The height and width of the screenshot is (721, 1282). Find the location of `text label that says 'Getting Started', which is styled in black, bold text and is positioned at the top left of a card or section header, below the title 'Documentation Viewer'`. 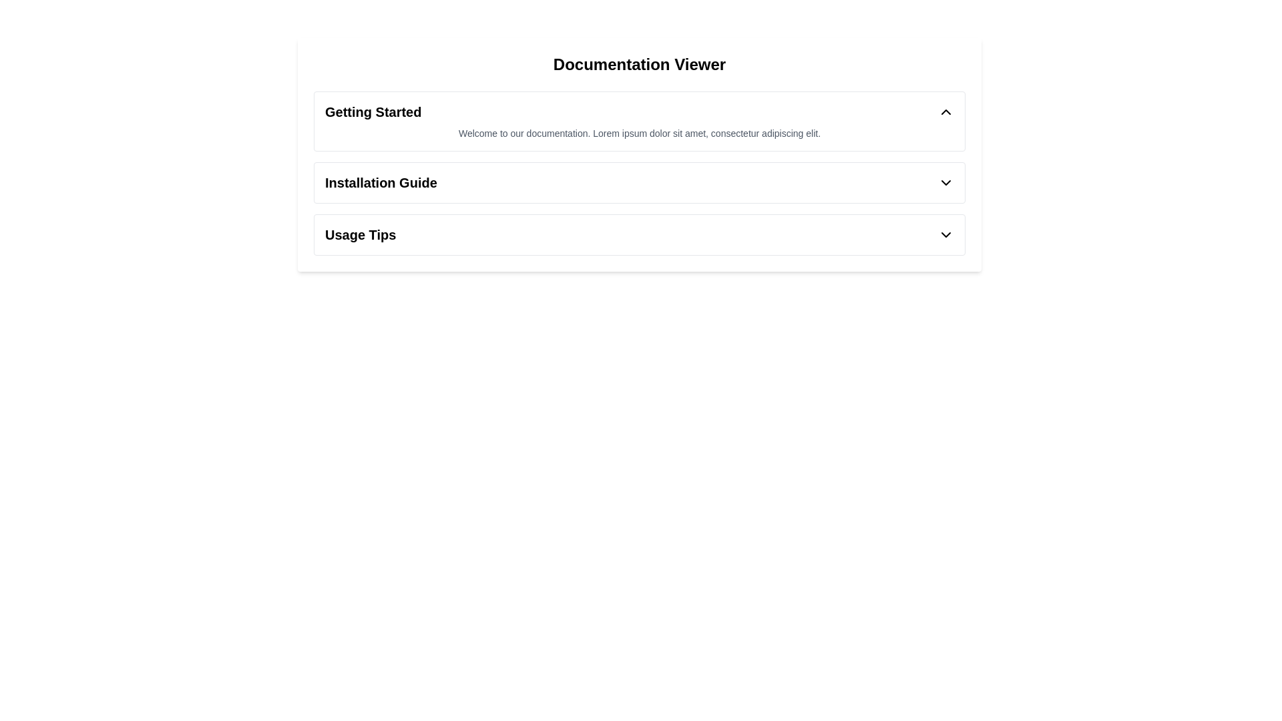

text label that says 'Getting Started', which is styled in black, bold text and is positioned at the top left of a card or section header, below the title 'Documentation Viewer' is located at coordinates (373, 111).